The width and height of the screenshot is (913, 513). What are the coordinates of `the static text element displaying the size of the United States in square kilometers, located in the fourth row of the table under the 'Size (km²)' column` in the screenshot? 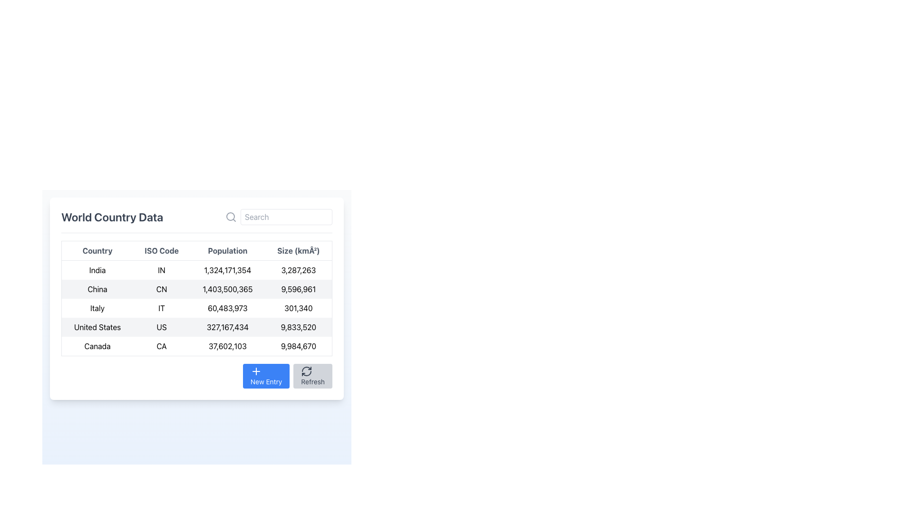 It's located at (298, 327).